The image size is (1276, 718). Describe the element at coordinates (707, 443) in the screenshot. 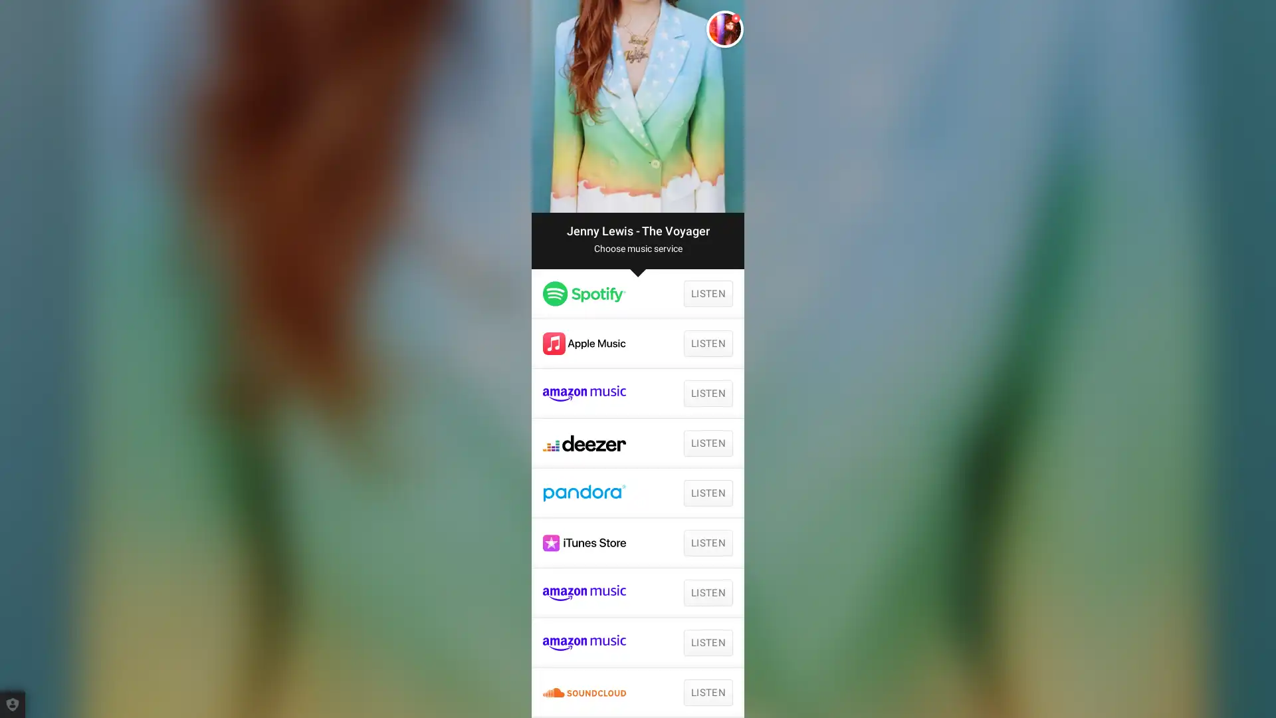

I see `LISTEN` at that location.